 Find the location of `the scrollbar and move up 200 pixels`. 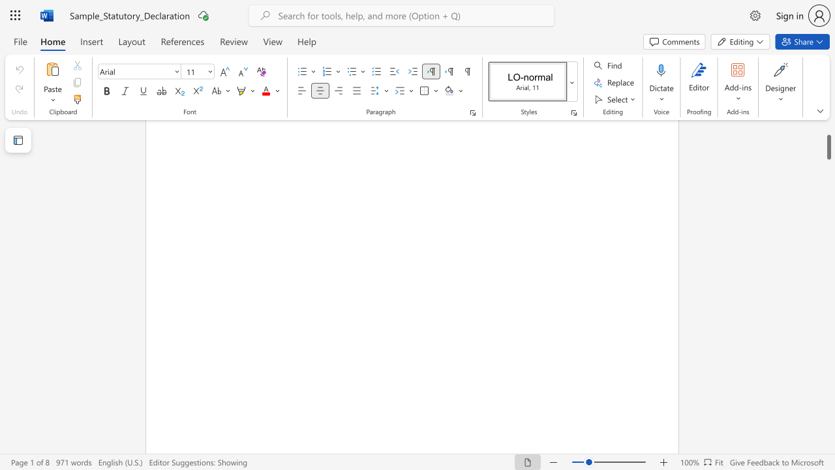

the scrollbar and move up 200 pixels is located at coordinates (828, 141).